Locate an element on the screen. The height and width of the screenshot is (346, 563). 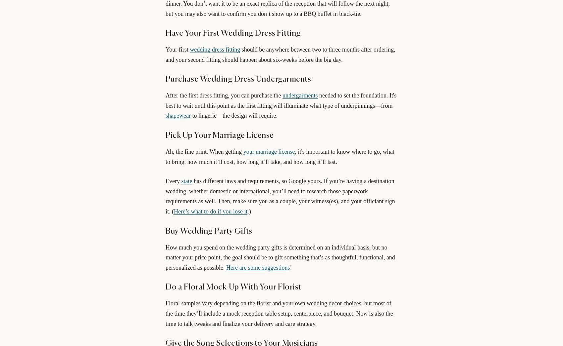
'How much you spend on the wedding party gifts is determined on an individual basis, but no matter your price point, the goal should be to gift something that’s as thoughtful, functional, and personalized as possible.' is located at coordinates (280, 257).